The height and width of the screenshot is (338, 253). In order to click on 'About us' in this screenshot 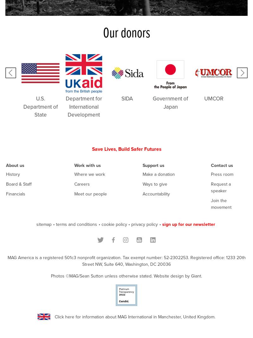, I will do `click(14, 165)`.